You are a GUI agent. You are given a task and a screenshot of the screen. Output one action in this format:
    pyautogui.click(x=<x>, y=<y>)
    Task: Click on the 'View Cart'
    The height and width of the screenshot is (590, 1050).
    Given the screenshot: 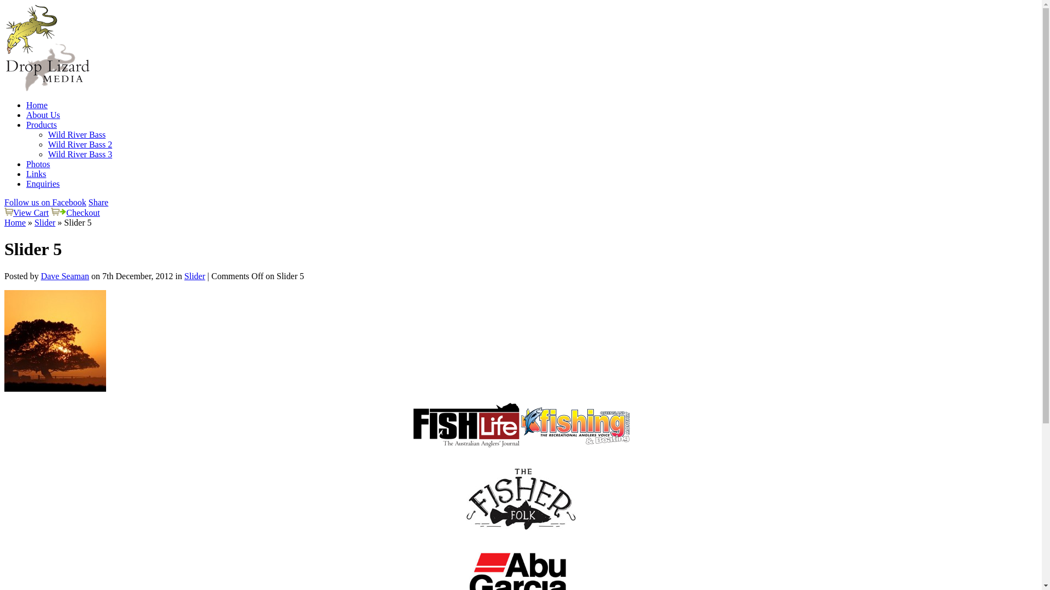 What is the action you would take?
    pyautogui.click(x=31, y=213)
    